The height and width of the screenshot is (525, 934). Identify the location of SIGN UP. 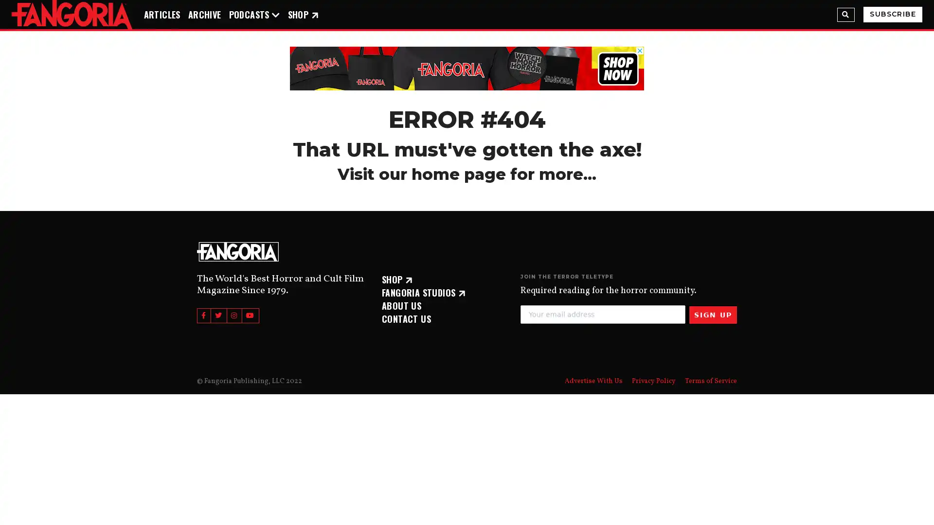
(712, 315).